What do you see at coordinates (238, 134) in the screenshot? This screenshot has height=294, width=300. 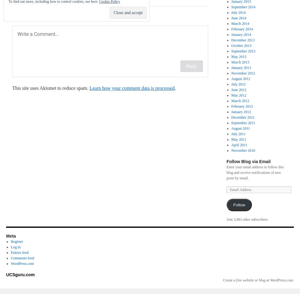 I see `'July 2011'` at bounding box center [238, 134].